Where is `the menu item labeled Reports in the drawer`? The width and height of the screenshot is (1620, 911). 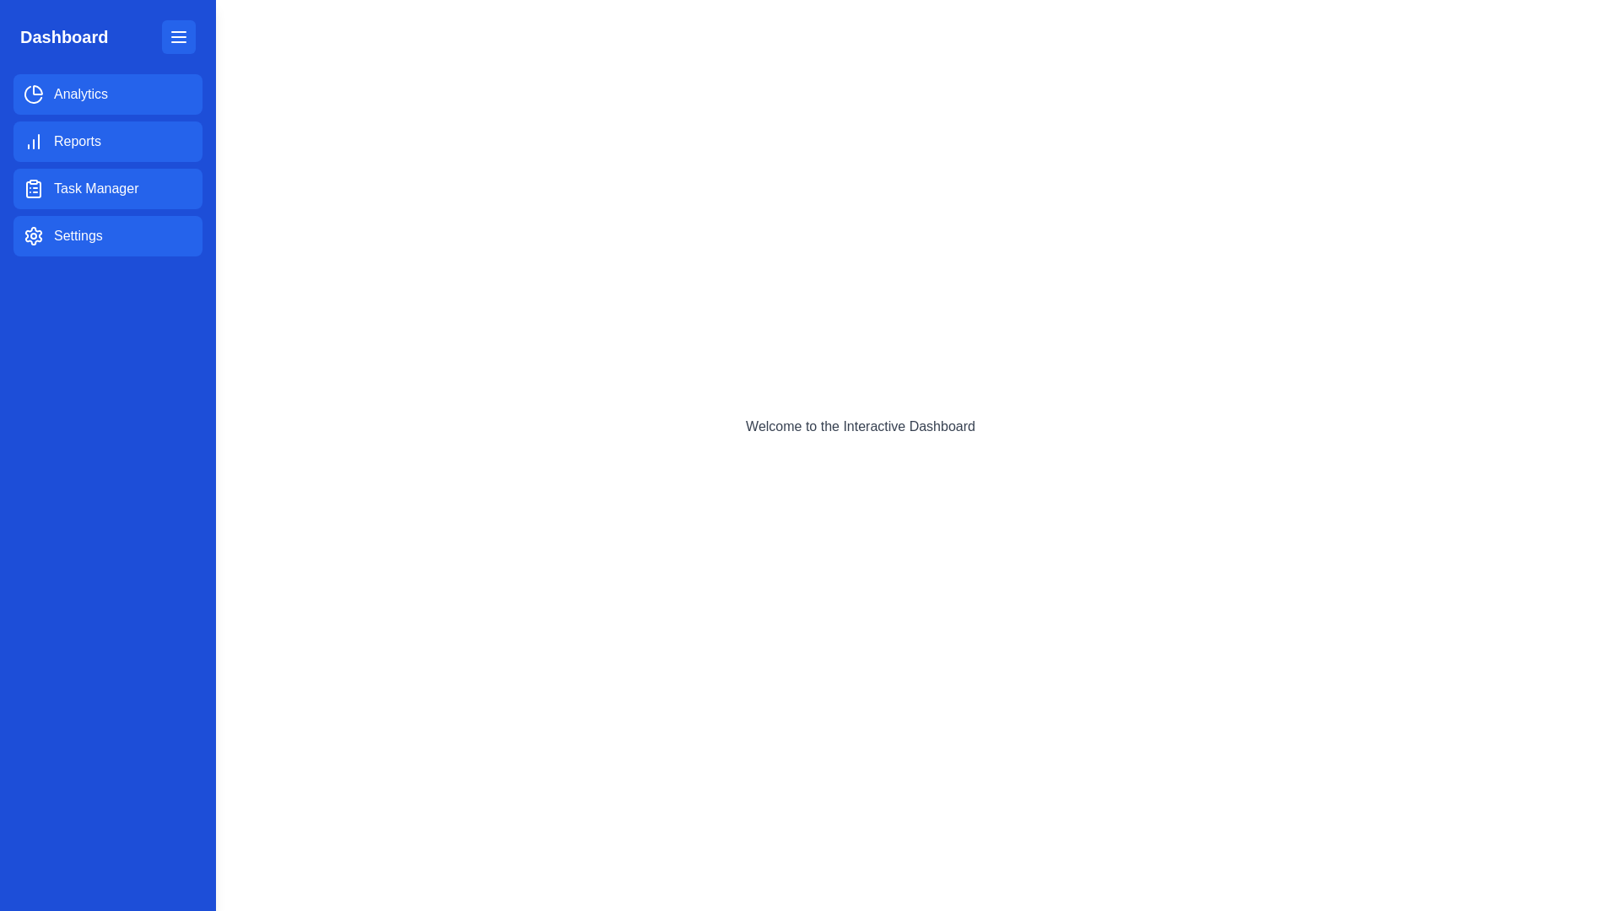 the menu item labeled Reports in the drawer is located at coordinates (107, 141).